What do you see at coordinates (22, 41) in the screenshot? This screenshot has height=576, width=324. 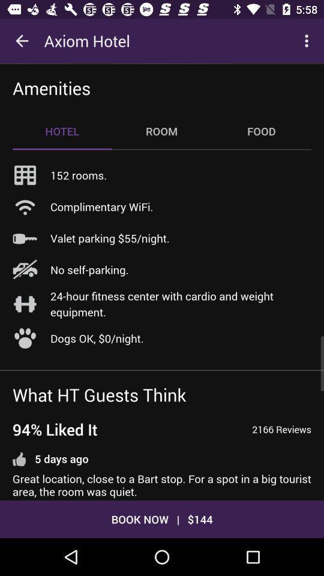 I see `icon to the left of the axiom hotel icon` at bounding box center [22, 41].